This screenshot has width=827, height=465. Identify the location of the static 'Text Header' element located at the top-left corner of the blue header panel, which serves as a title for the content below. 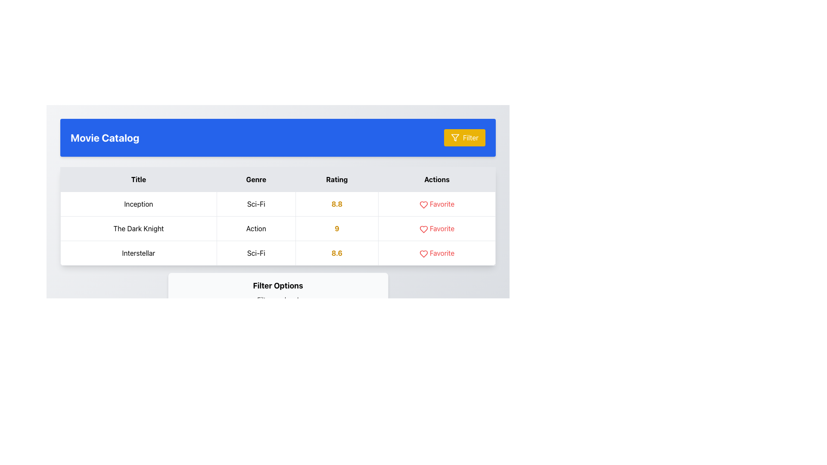
(104, 137).